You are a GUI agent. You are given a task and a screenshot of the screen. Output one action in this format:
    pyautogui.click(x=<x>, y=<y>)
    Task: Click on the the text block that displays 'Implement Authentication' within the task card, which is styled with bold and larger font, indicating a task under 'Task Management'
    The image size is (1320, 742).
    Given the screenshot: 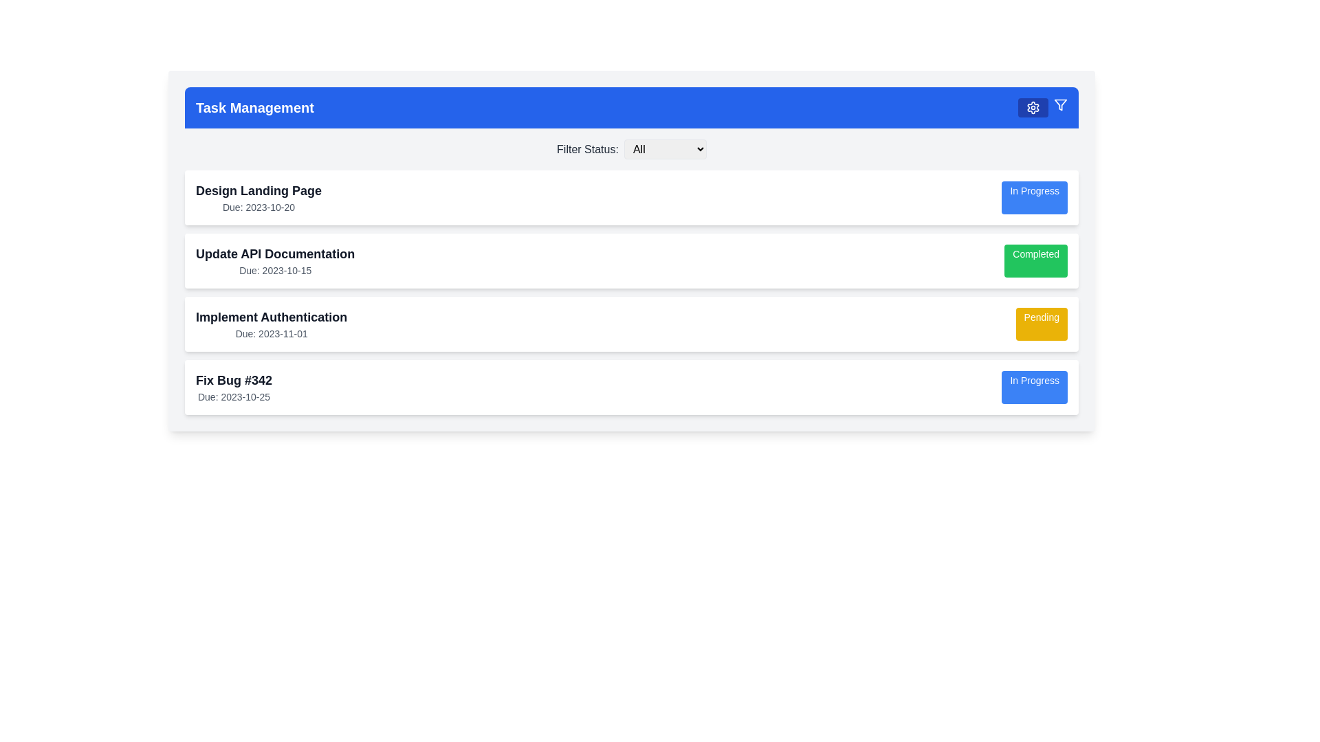 What is the action you would take?
    pyautogui.click(x=272, y=324)
    